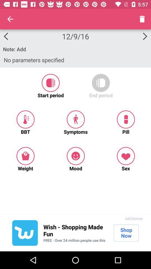 Image resolution: width=151 pixels, height=269 pixels. I want to click on wish advertisement, so click(25, 233).